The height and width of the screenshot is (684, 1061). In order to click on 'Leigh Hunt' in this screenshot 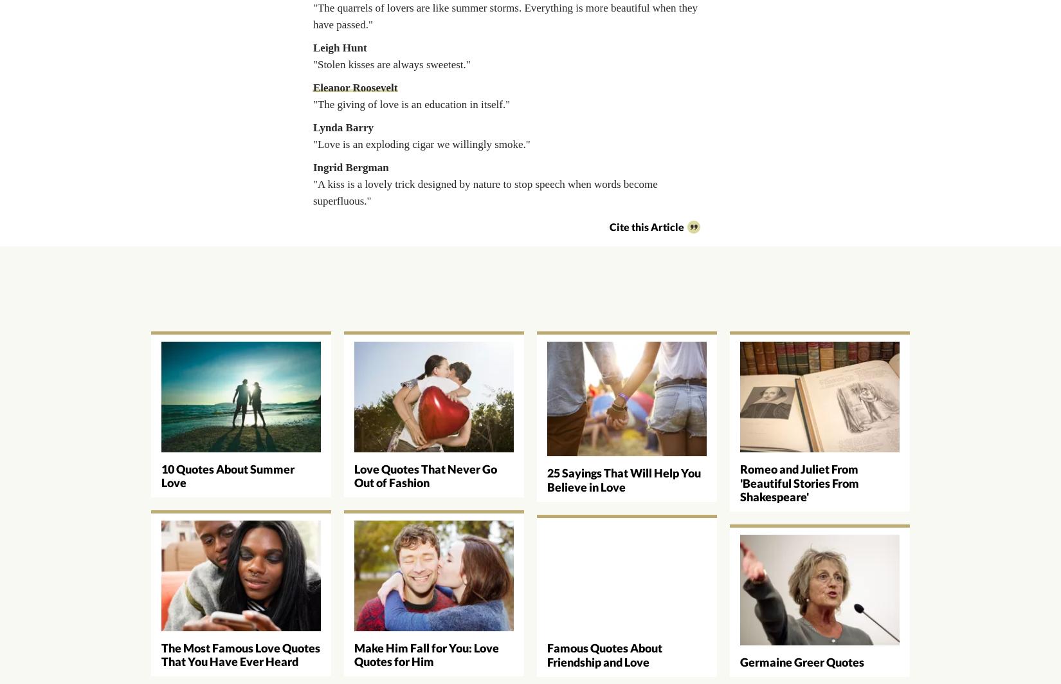, I will do `click(313, 48)`.